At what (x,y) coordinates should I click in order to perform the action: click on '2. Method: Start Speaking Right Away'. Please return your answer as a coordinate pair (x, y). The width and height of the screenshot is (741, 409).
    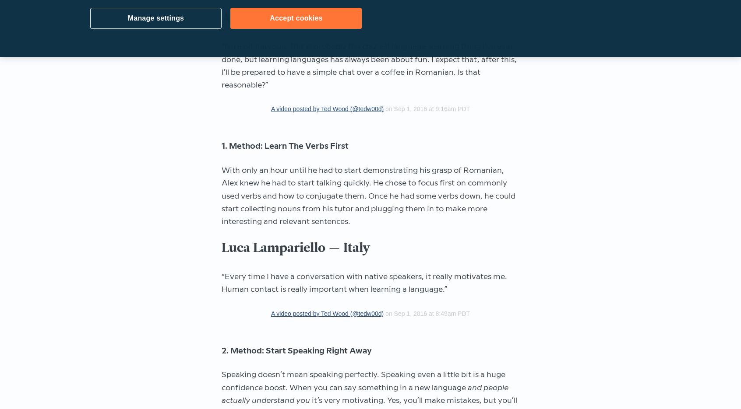
    Looking at the image, I should click on (296, 350).